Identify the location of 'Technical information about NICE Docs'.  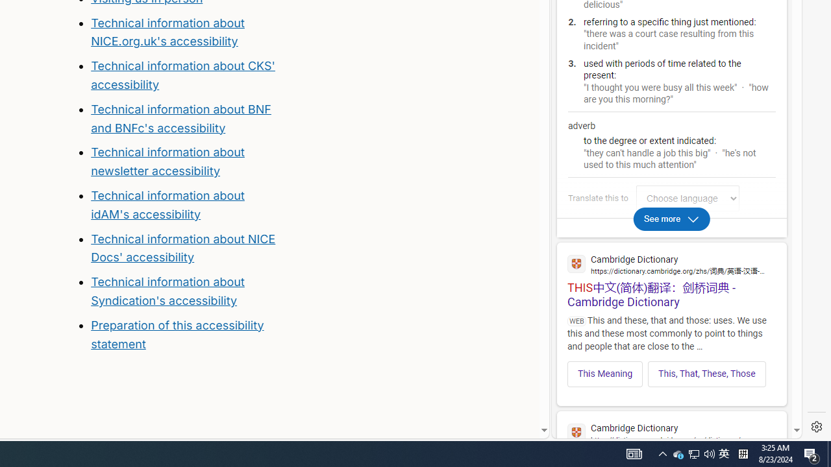
(182, 248).